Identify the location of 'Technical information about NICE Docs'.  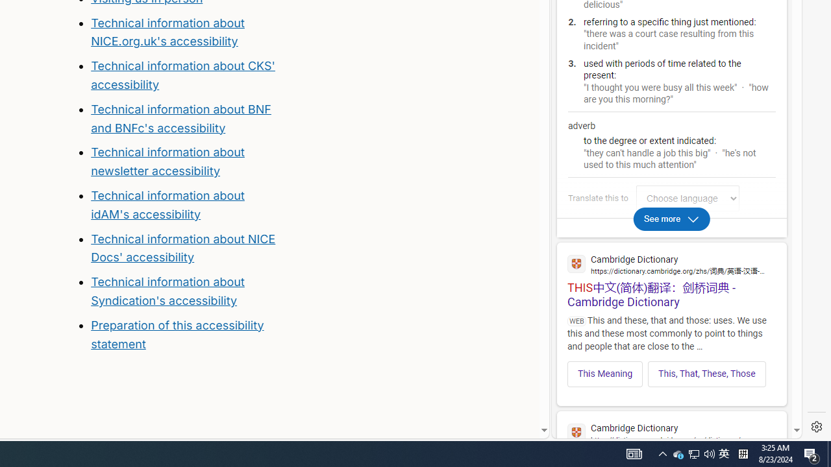
(182, 248).